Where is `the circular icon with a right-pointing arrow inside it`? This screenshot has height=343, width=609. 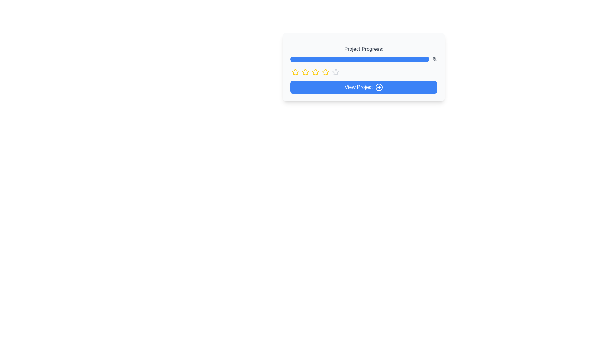
the circular icon with a right-pointing arrow inside it is located at coordinates (379, 87).